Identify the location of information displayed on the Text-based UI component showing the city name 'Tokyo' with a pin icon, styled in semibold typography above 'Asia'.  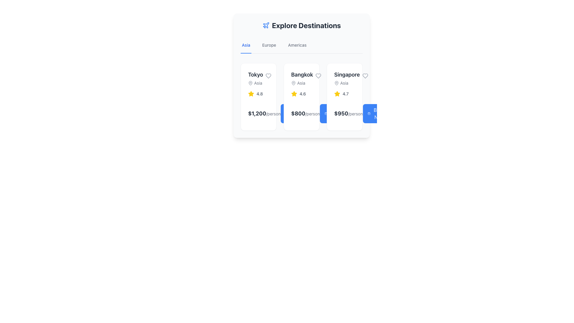
(255, 78).